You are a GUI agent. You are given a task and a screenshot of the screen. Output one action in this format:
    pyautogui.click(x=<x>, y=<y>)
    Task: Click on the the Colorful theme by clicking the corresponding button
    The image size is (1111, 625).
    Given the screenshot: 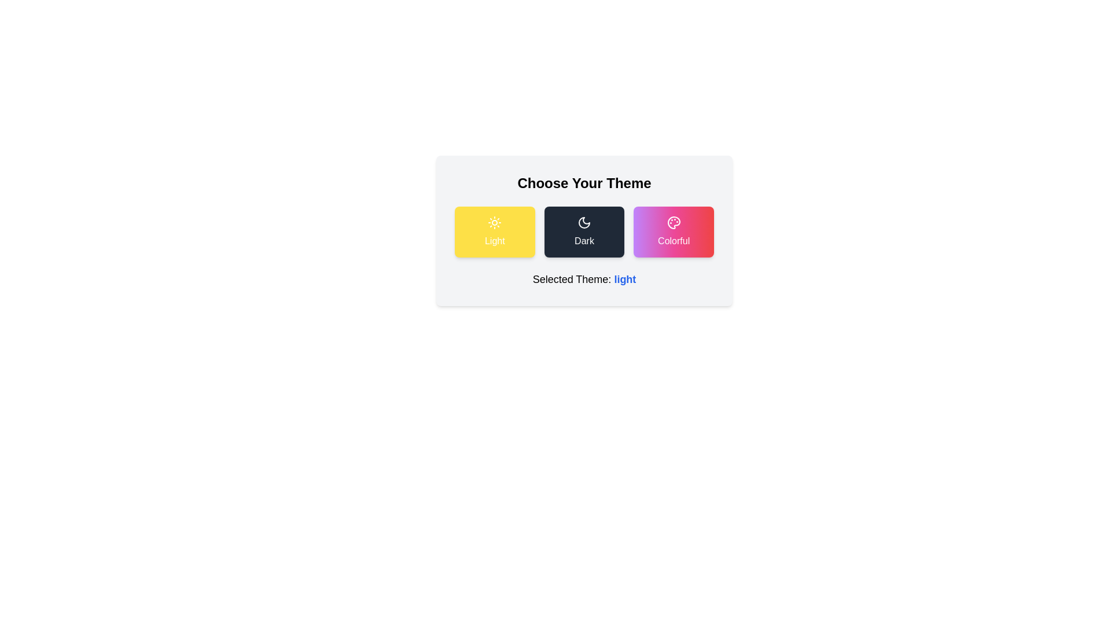 What is the action you would take?
    pyautogui.click(x=673, y=232)
    